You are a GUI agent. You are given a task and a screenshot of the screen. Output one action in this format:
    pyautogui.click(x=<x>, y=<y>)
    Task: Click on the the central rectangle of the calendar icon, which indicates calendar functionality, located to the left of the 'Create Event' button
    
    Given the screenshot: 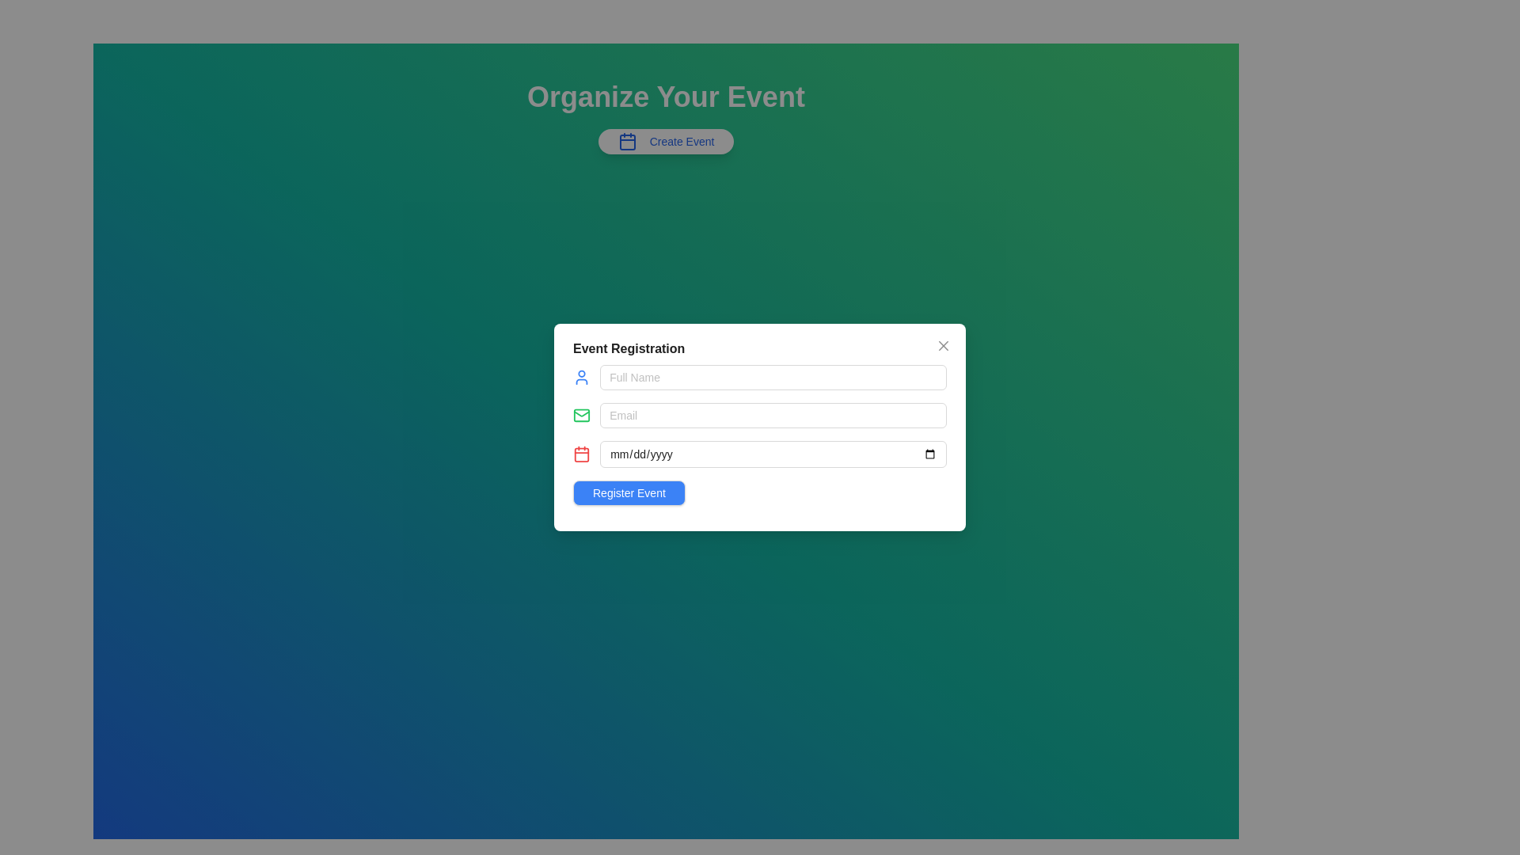 What is the action you would take?
    pyautogui.click(x=626, y=142)
    